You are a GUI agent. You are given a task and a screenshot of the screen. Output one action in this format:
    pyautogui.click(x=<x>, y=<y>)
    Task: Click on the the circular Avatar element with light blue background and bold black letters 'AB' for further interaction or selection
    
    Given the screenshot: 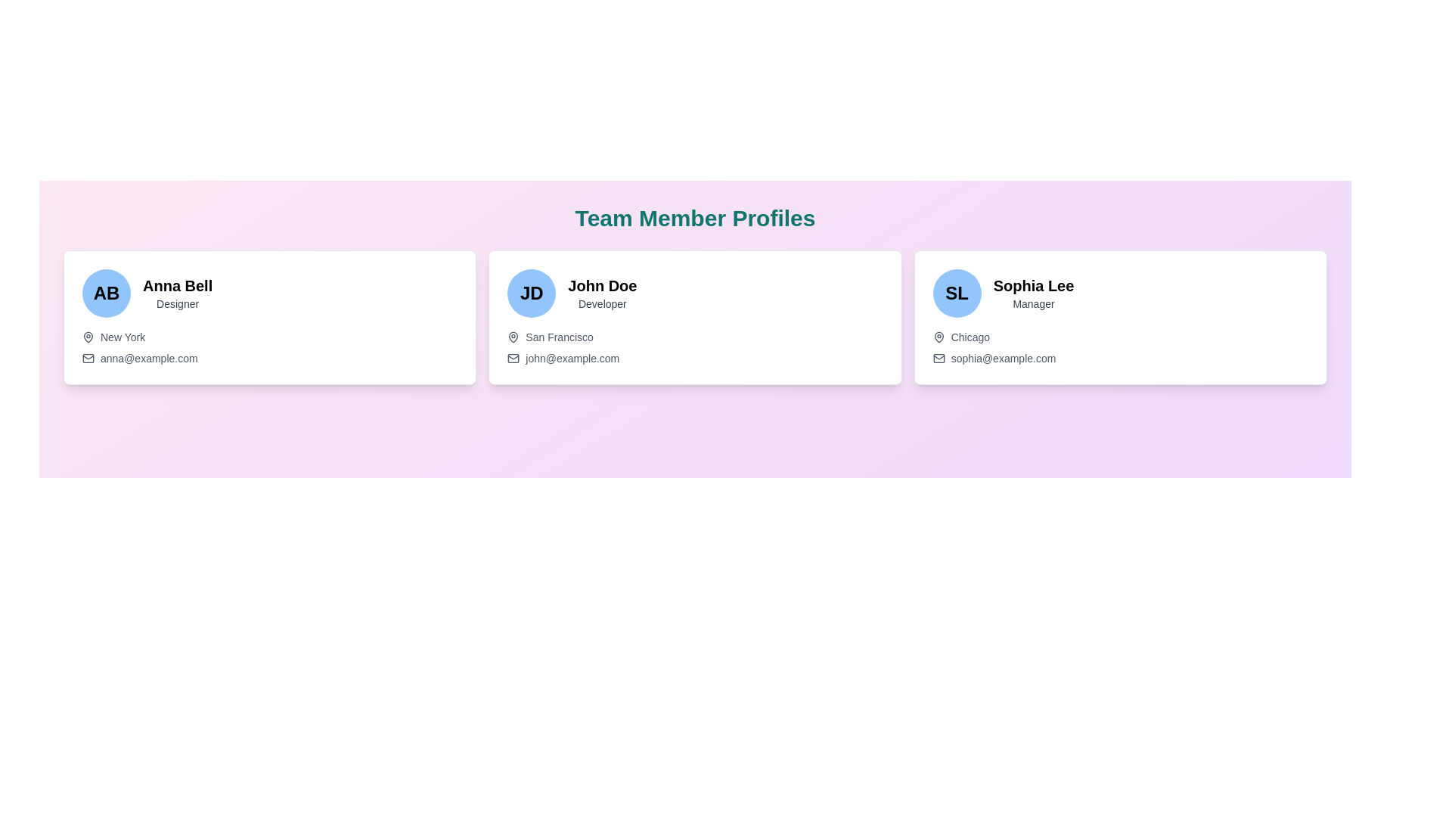 What is the action you would take?
    pyautogui.click(x=105, y=294)
    